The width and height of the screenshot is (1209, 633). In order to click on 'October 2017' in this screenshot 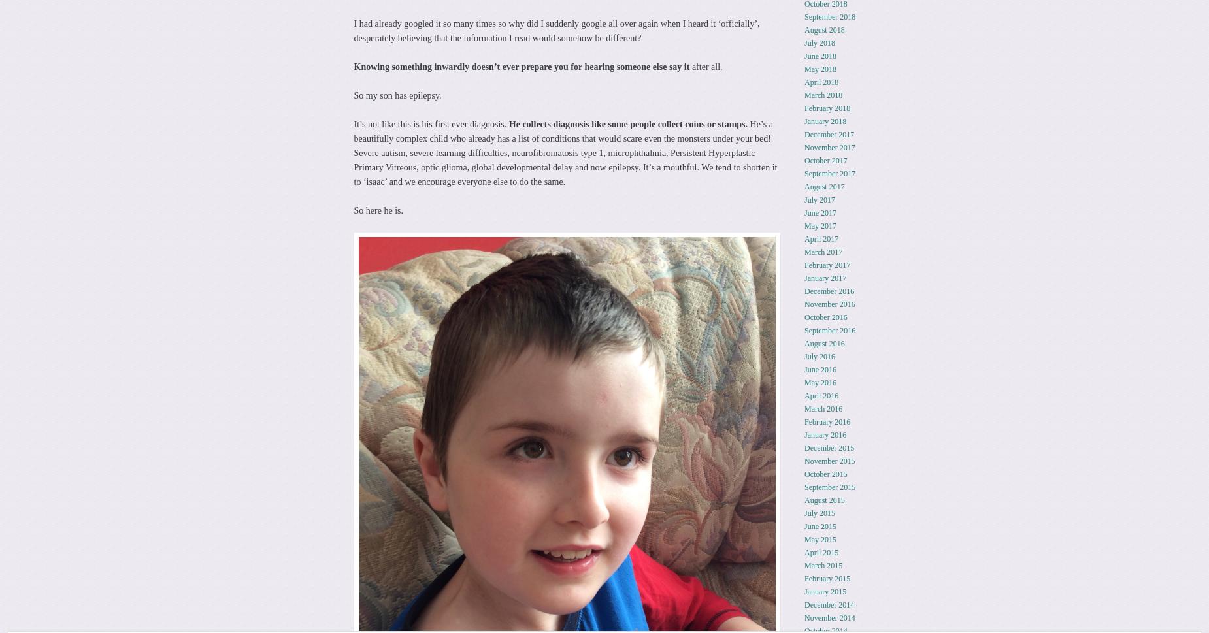, I will do `click(825, 159)`.